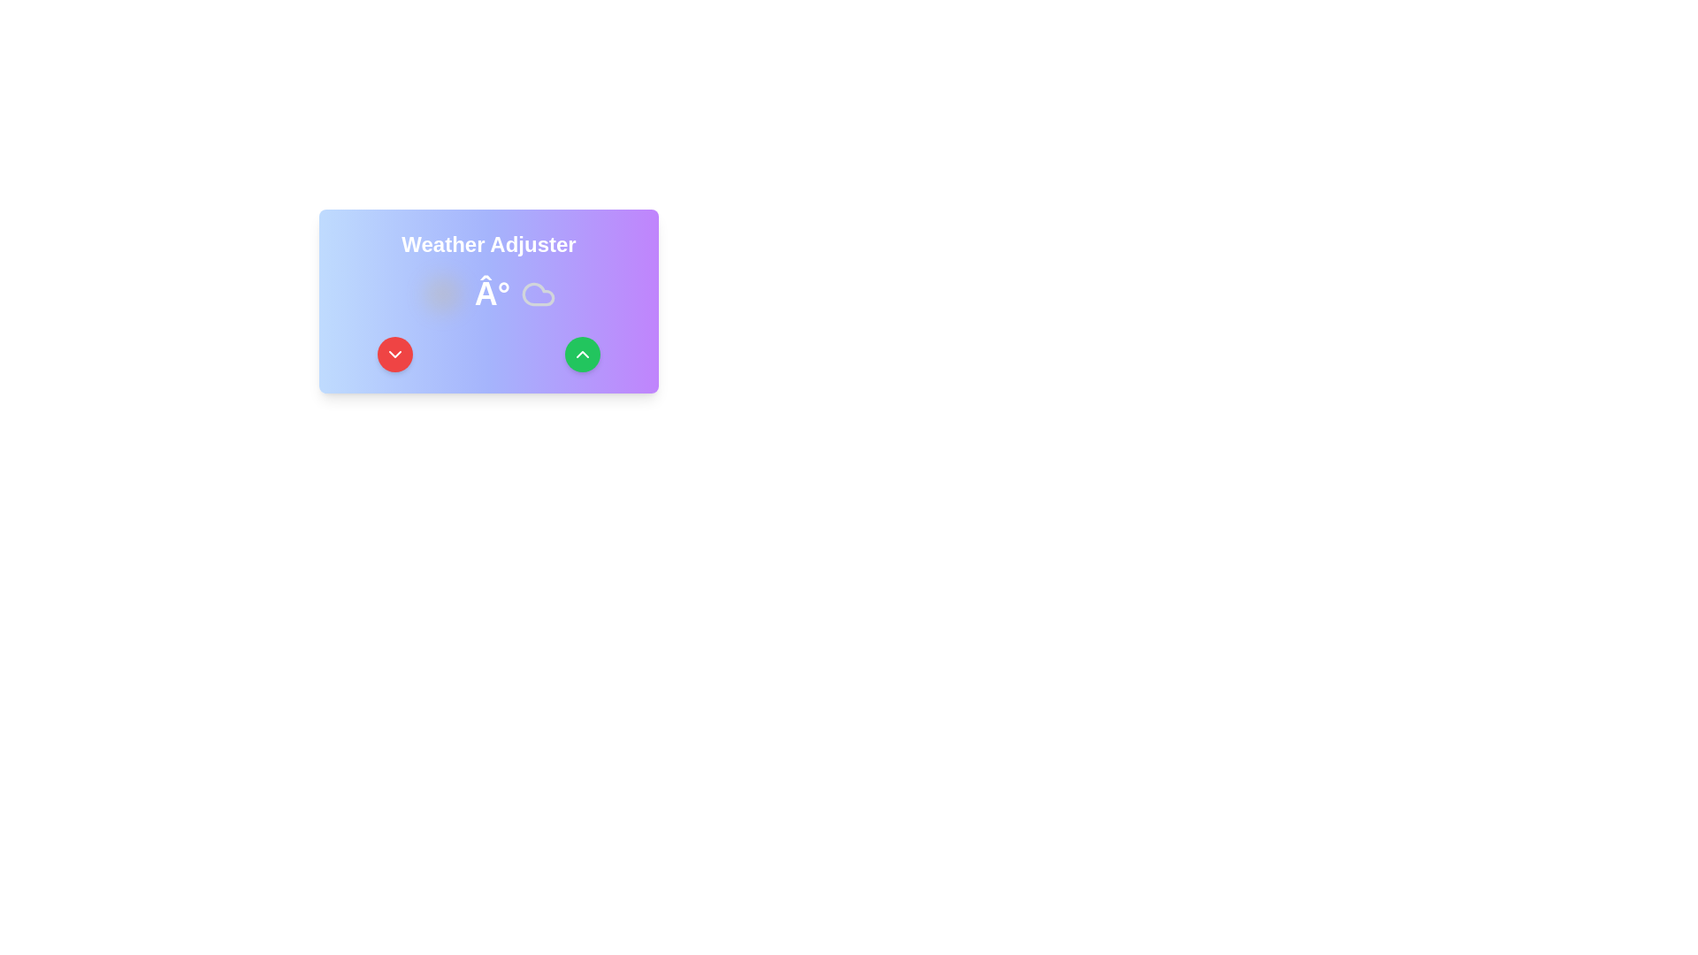 Image resolution: width=1698 pixels, height=955 pixels. I want to click on the static text label displaying the symbol 'Â°', which is prominently rendered in a large font size on a gradient background, located centrally within the 'Weather Adjuster' widget, so click(492, 293).